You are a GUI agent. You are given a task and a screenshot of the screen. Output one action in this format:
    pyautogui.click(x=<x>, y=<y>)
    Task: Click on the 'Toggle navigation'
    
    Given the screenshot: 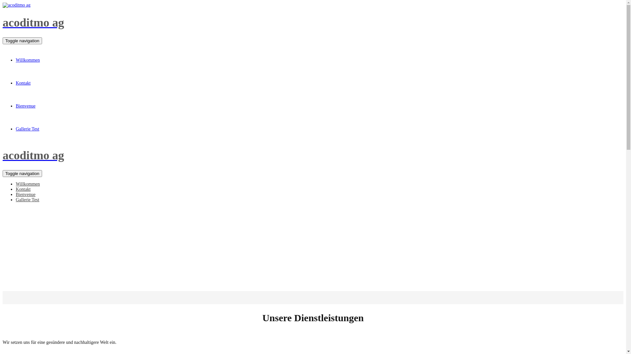 What is the action you would take?
    pyautogui.click(x=22, y=173)
    